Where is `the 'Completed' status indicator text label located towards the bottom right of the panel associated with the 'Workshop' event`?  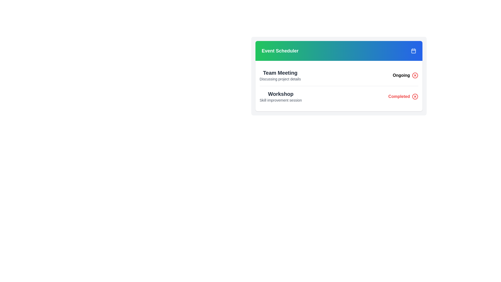
the 'Completed' status indicator text label located towards the bottom right of the panel associated with the 'Workshop' event is located at coordinates (399, 97).